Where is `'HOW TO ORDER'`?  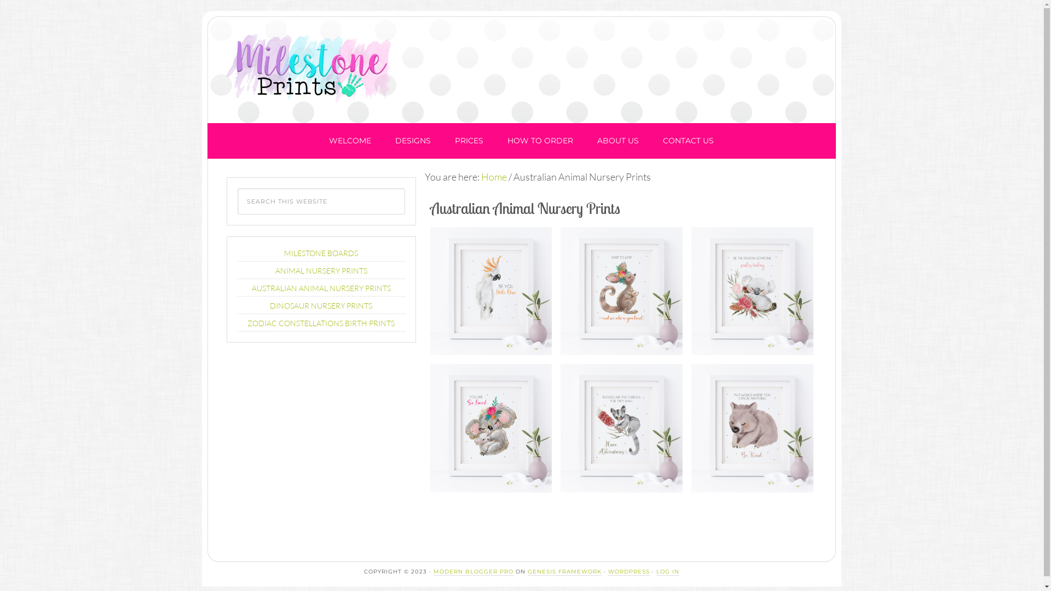 'HOW TO ORDER' is located at coordinates (540, 140).